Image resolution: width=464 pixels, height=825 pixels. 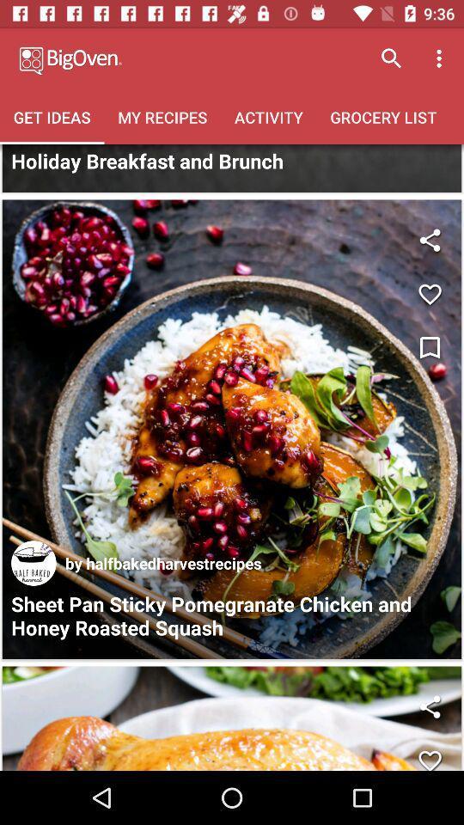 I want to click on search button, so click(x=392, y=58).